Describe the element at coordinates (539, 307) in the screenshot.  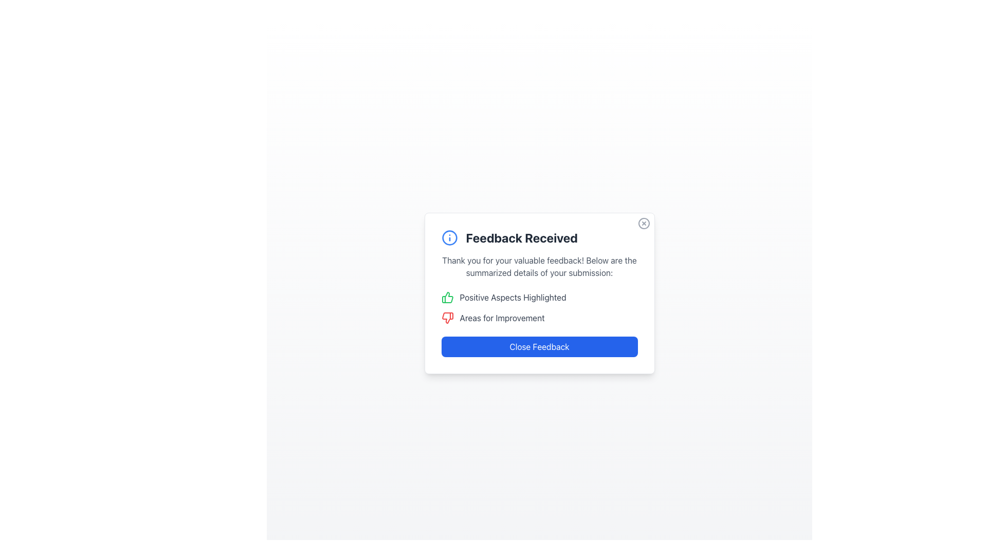
I see `the green thumbs-up icon in the 'Positive Aspects Highlighted' section of the feedback summary component` at that location.